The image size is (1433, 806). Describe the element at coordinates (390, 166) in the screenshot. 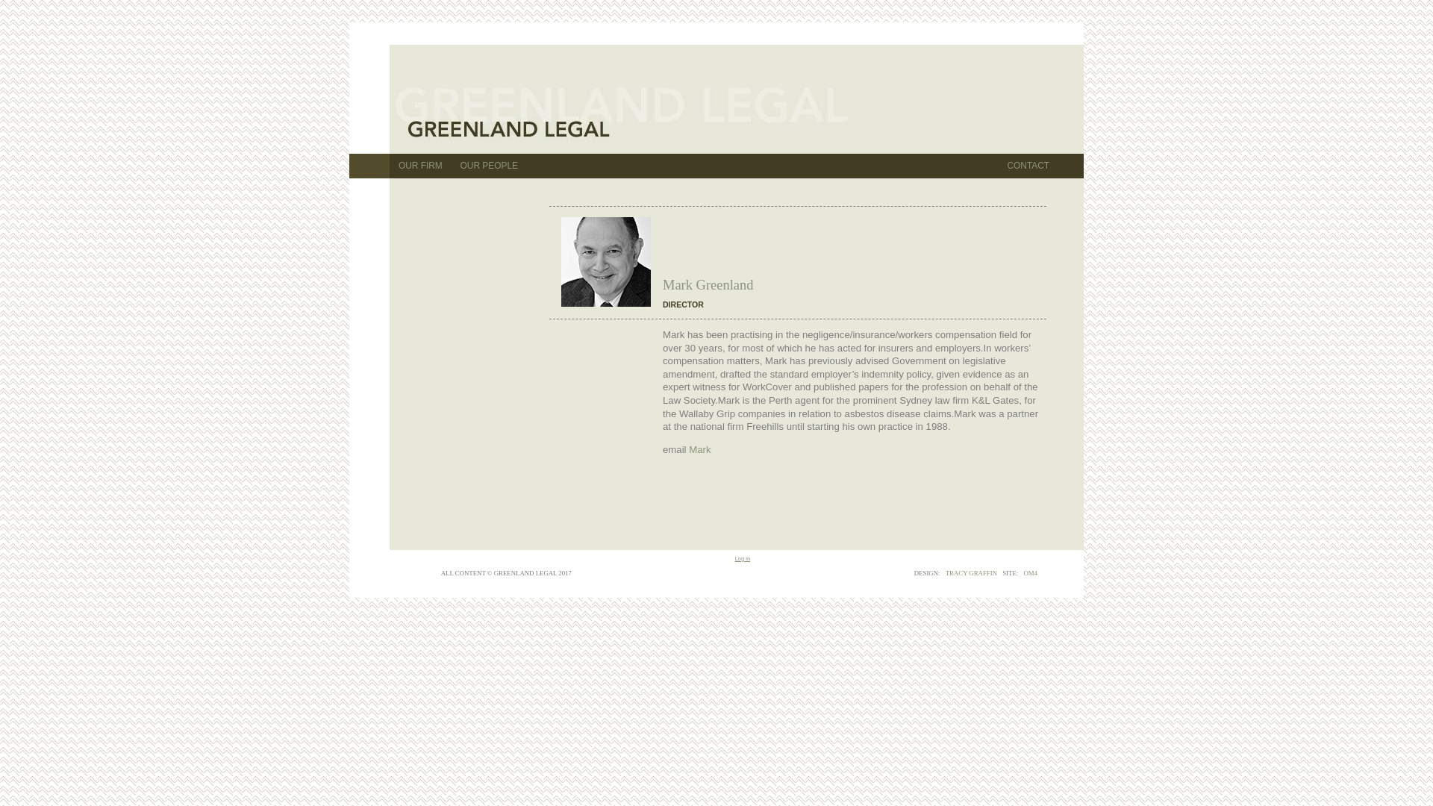

I see `'OUR FIRM'` at that location.